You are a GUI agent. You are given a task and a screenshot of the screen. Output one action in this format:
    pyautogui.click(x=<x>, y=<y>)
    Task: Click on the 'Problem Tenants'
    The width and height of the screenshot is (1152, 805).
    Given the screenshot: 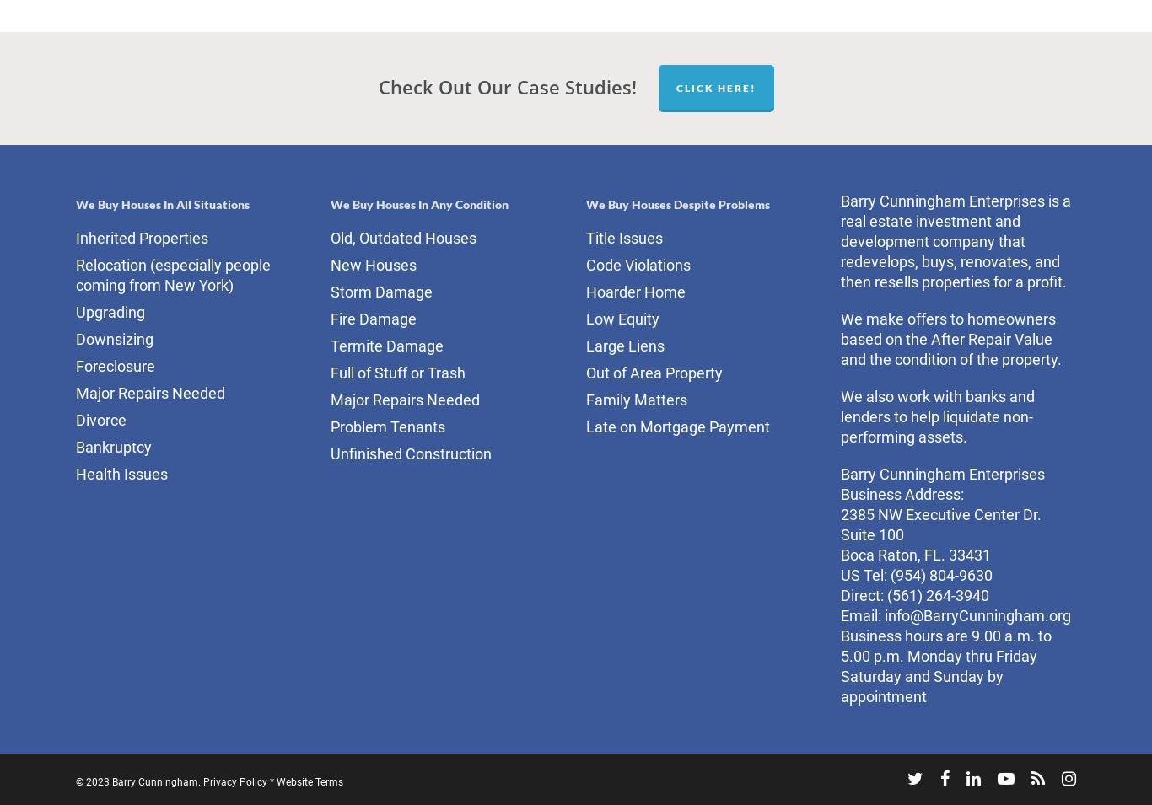 What is the action you would take?
    pyautogui.click(x=387, y=426)
    